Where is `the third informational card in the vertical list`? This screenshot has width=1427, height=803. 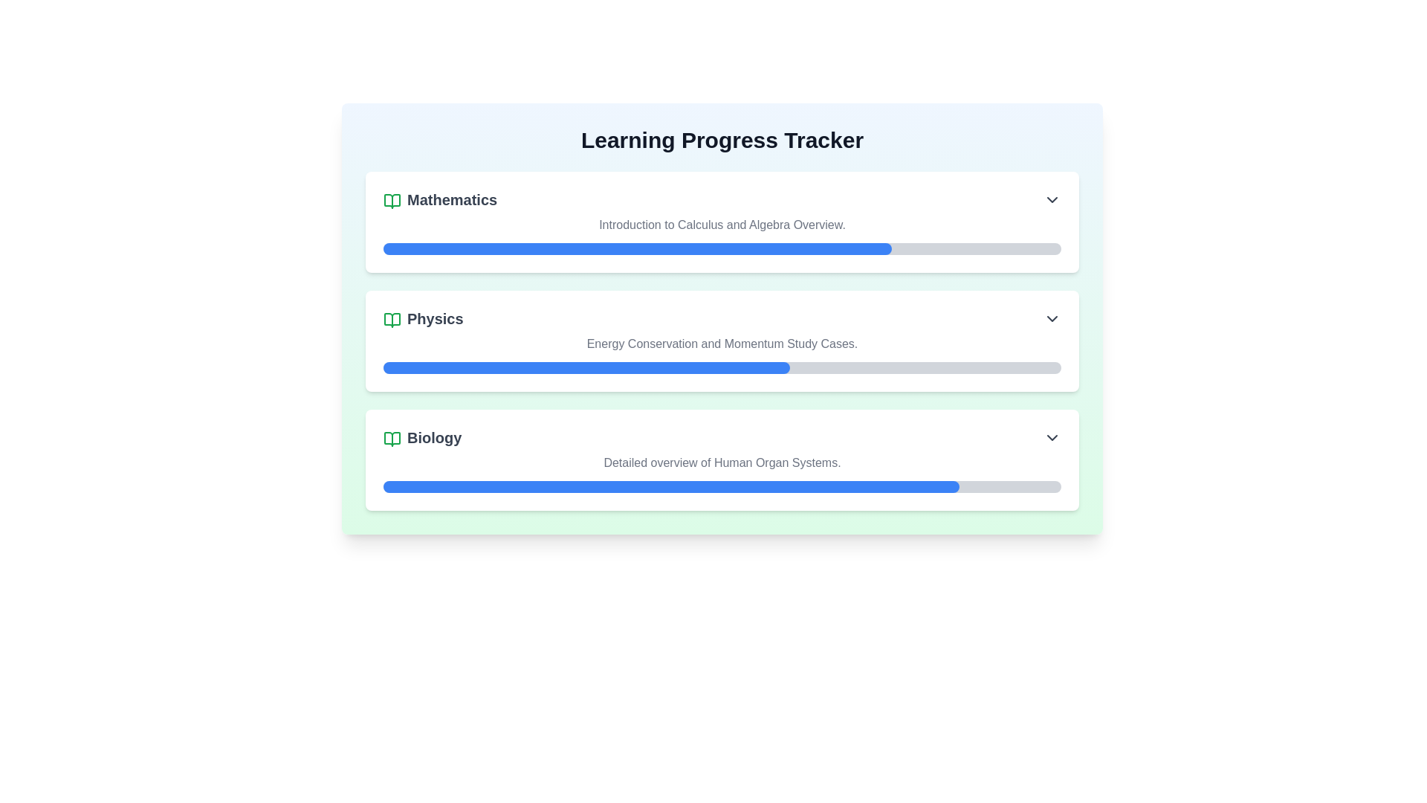 the third informational card in the vertical list is located at coordinates (722, 459).